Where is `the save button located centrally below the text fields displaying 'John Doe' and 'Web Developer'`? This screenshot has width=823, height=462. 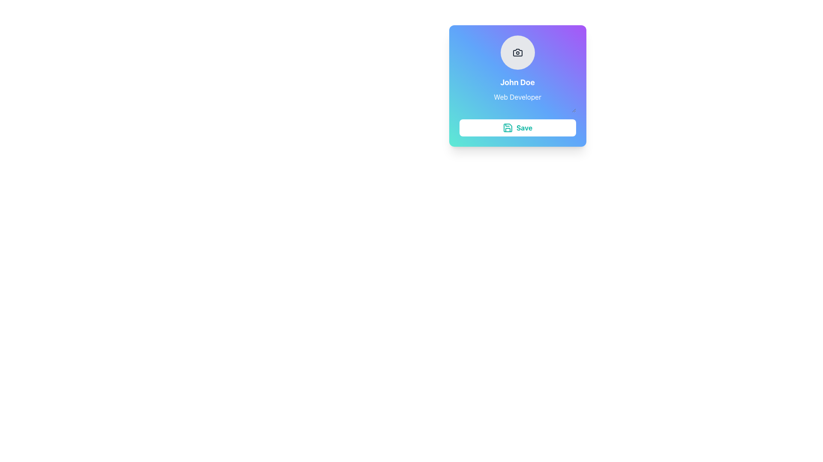
the save button located centrally below the text fields displaying 'John Doe' and 'Web Developer' is located at coordinates (517, 128).